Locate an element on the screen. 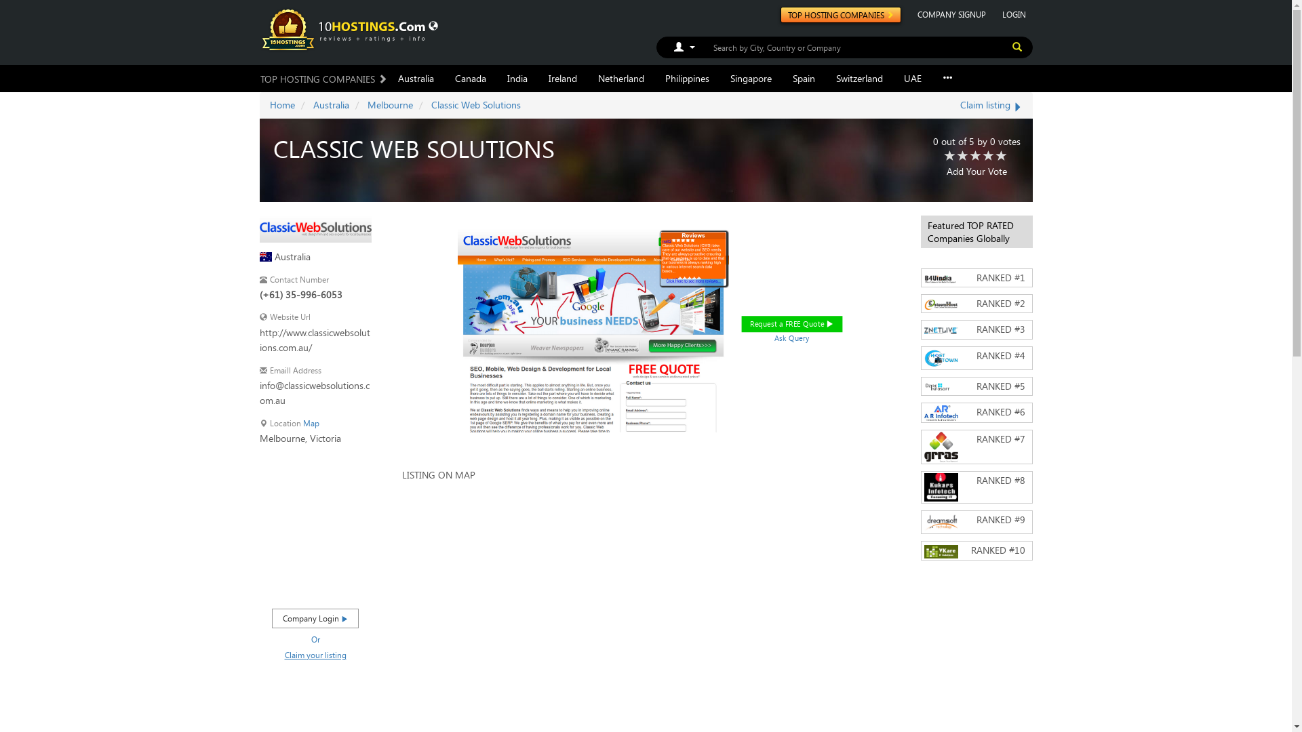 Image resolution: width=1302 pixels, height=732 pixels. 'Philippines' is located at coordinates (687, 78).